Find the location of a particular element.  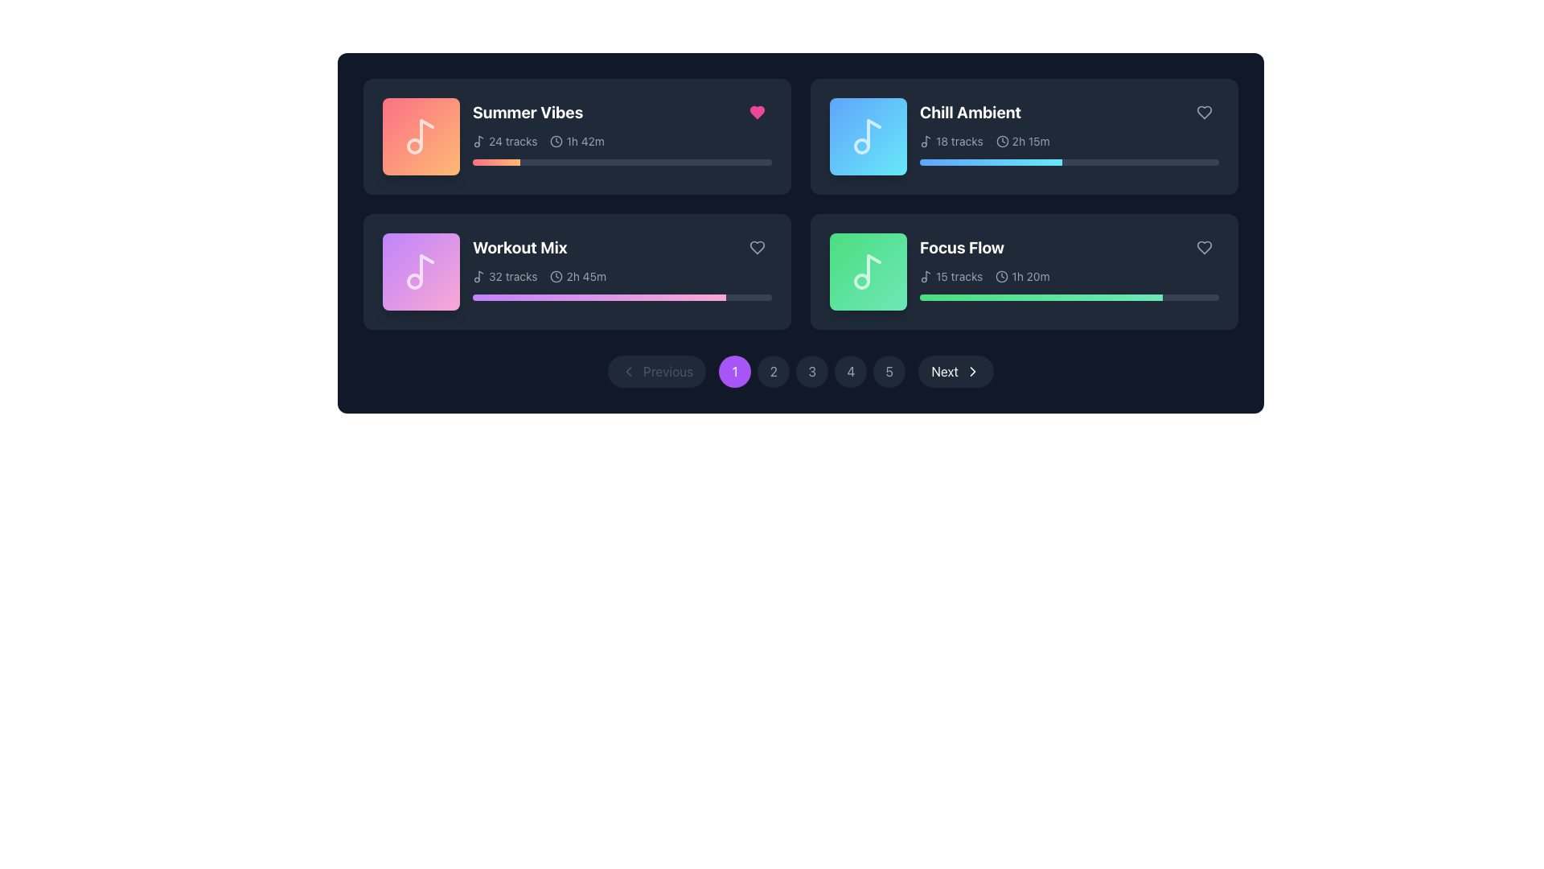

progress is located at coordinates (645, 298).